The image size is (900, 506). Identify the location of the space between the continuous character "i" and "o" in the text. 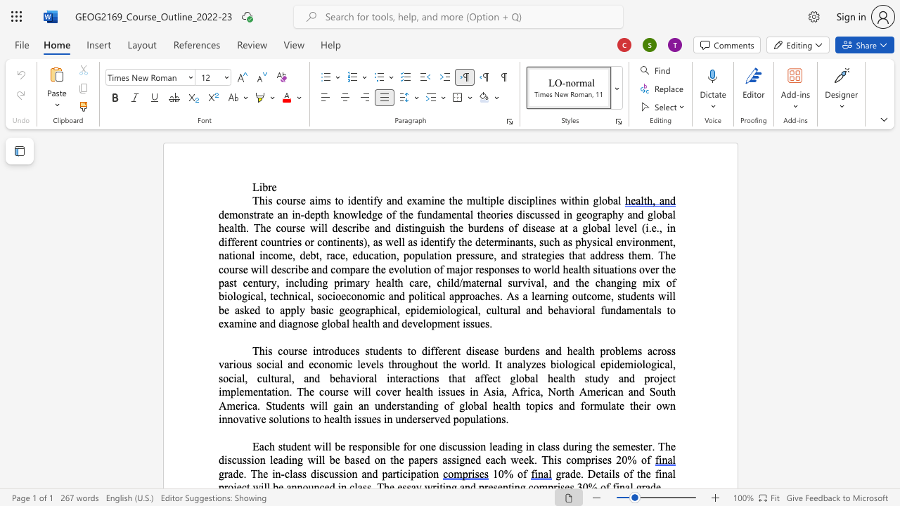
(335, 295).